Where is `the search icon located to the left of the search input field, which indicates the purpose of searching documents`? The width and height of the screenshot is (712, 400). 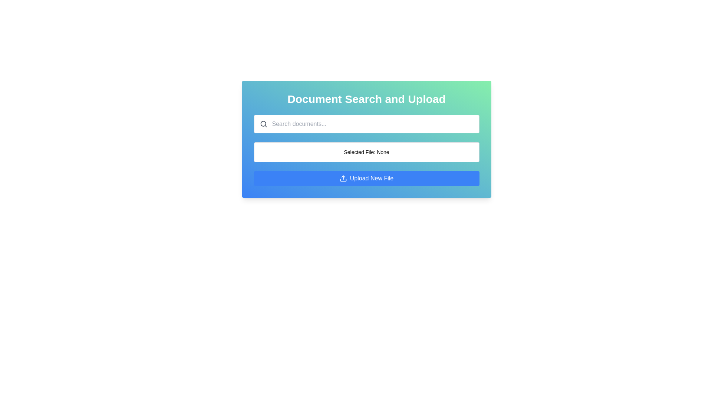 the search icon located to the left of the search input field, which indicates the purpose of searching documents is located at coordinates (263, 124).